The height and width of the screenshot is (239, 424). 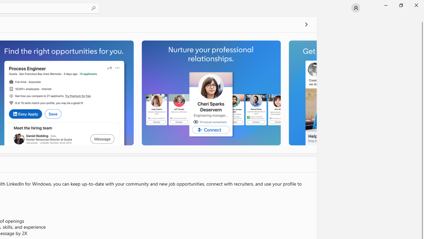 I want to click on 'Screenshot 3', so click(x=210, y=93).